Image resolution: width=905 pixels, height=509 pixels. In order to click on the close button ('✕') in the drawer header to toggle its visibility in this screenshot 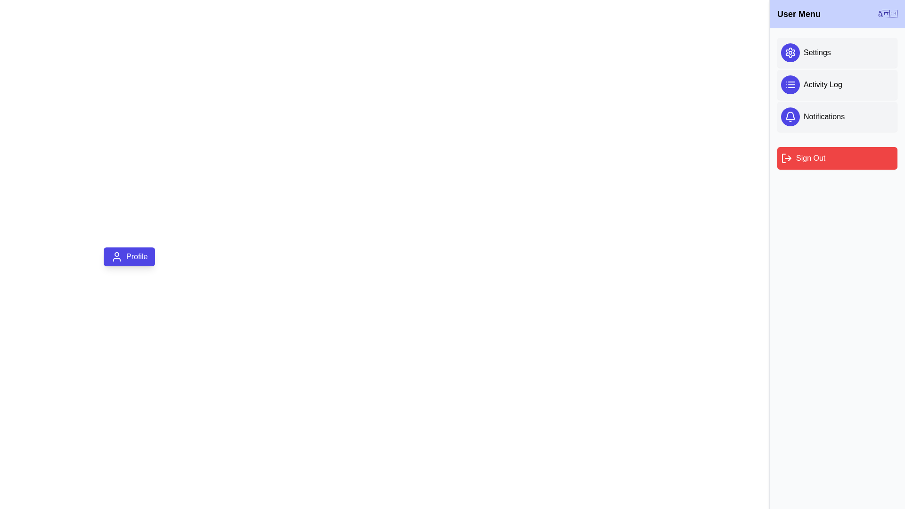, I will do `click(887, 14)`.